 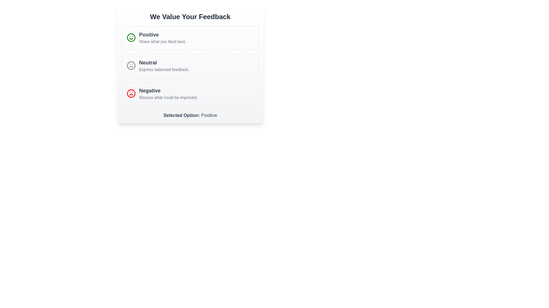 What do you see at coordinates (190, 65) in the screenshot?
I see `the selectable option for neutral feedback, located centrally below the title 'We Value Your Feedback', to change its appearance` at bounding box center [190, 65].